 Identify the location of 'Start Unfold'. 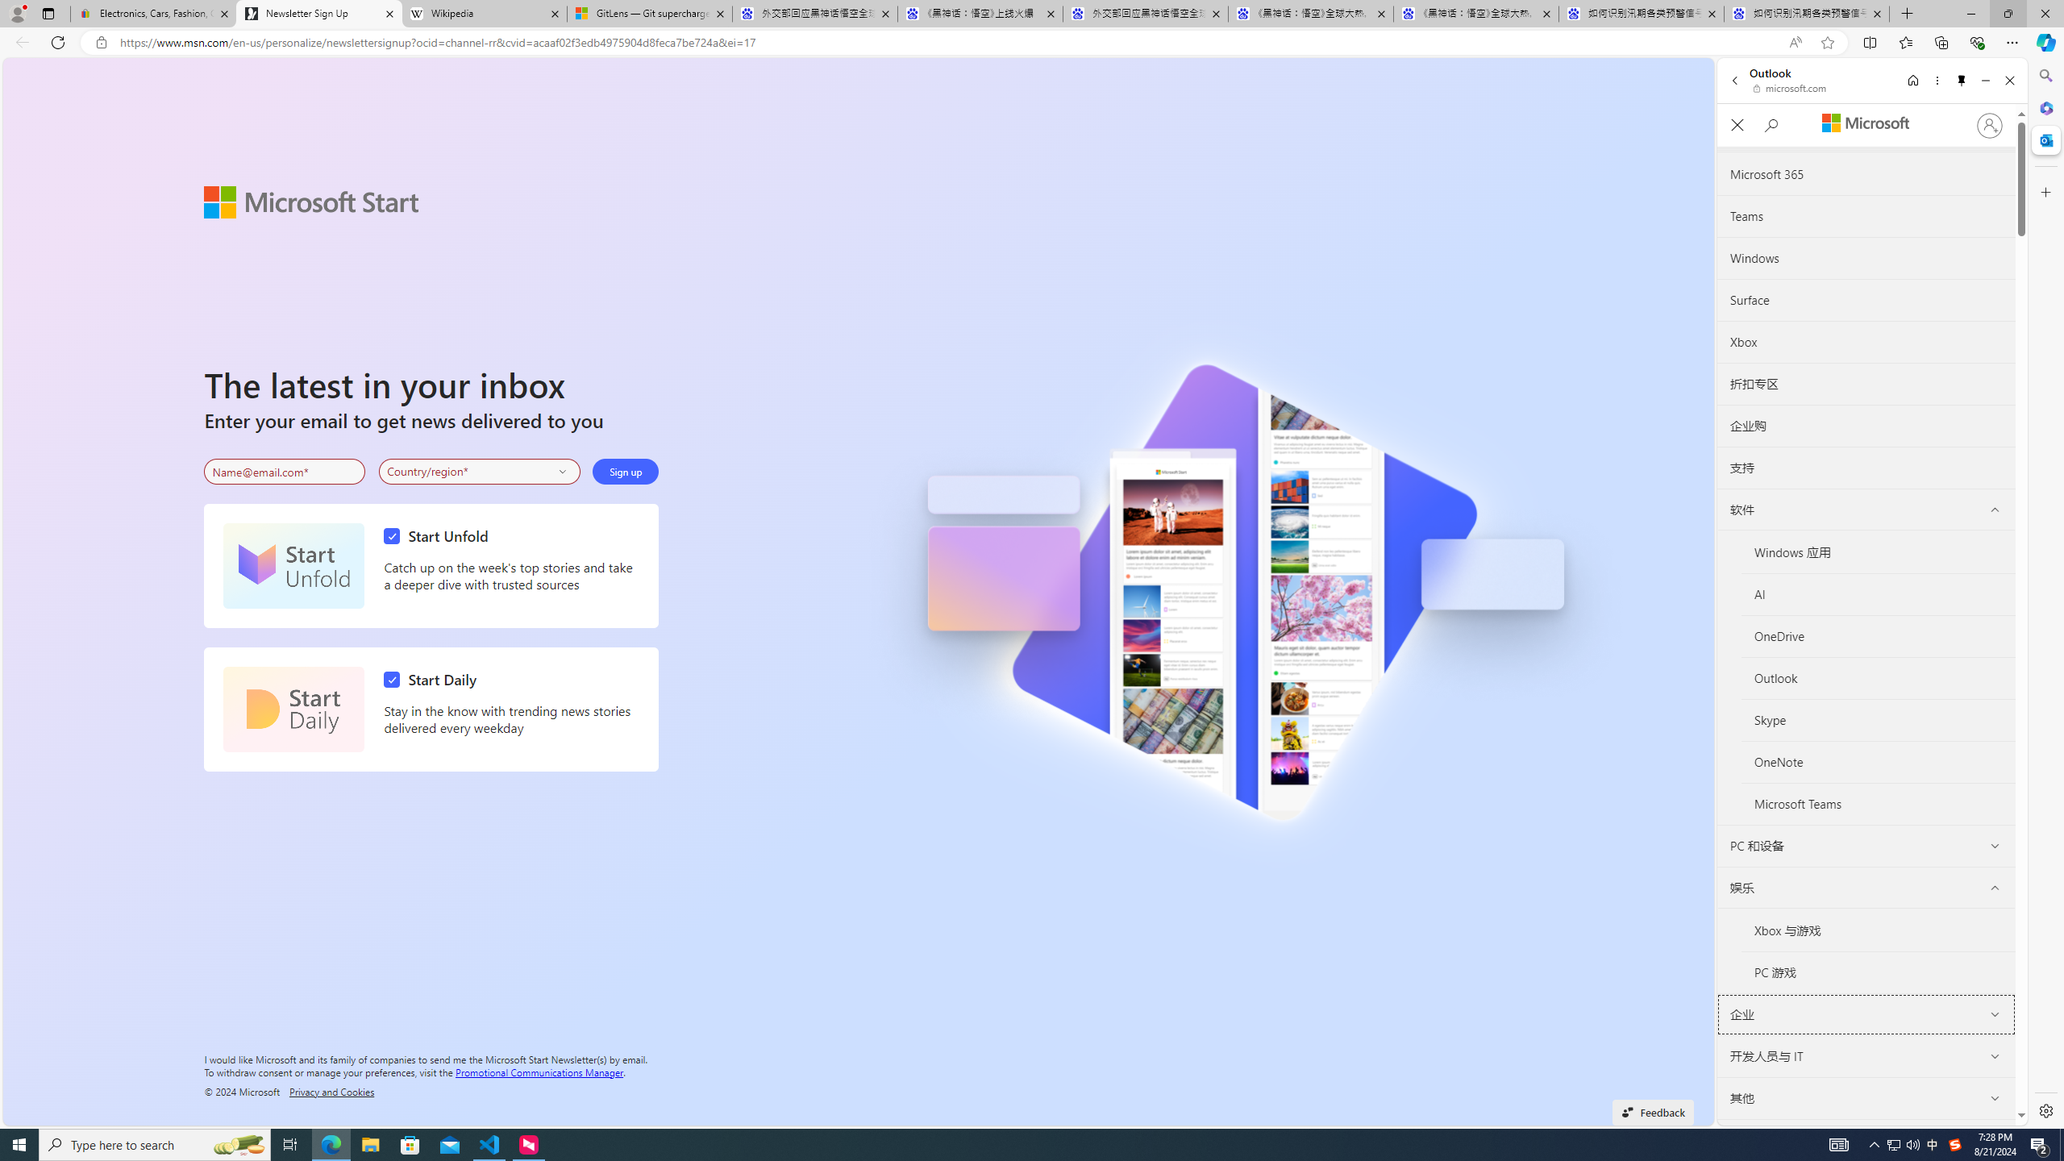
(293, 565).